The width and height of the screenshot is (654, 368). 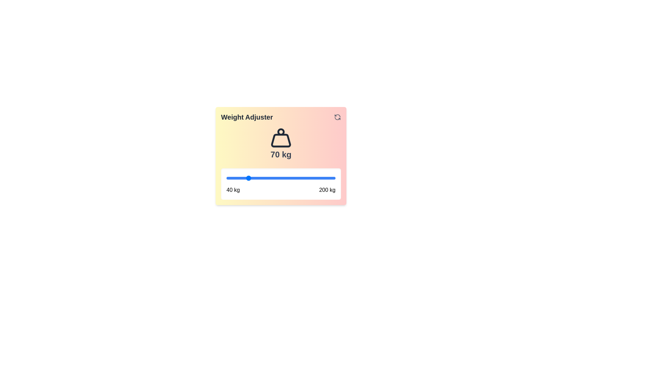 What do you see at coordinates (333, 178) in the screenshot?
I see `the weight to 196 kg using the slider` at bounding box center [333, 178].